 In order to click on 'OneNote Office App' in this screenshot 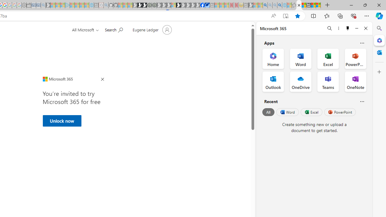, I will do `click(355, 82)`.